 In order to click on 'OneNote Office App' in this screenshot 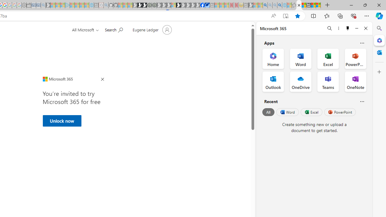, I will do `click(355, 82)`.